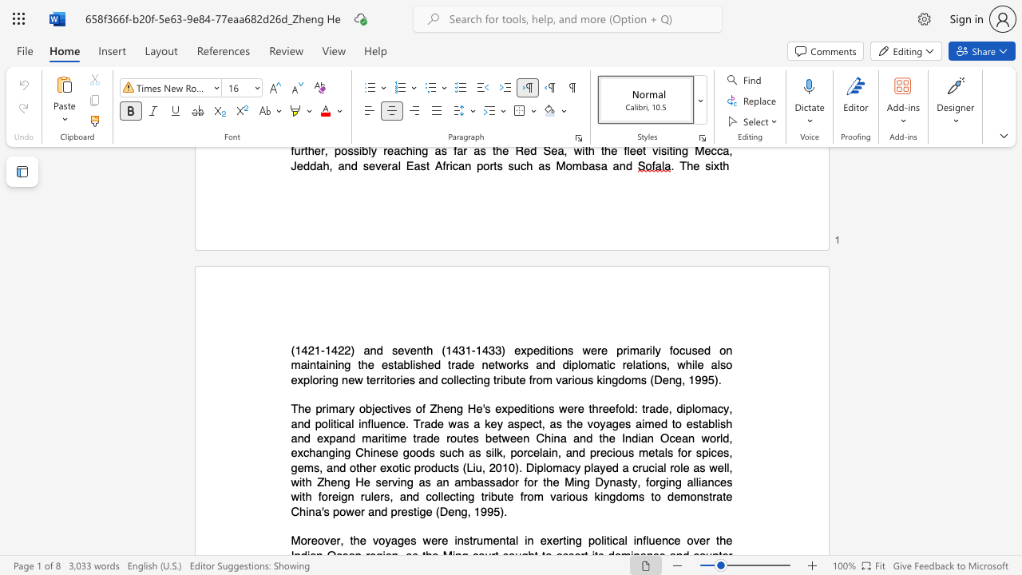 Image resolution: width=1022 pixels, height=575 pixels. I want to click on the subset text "e primar" within the text "The primary", so click(304, 408).